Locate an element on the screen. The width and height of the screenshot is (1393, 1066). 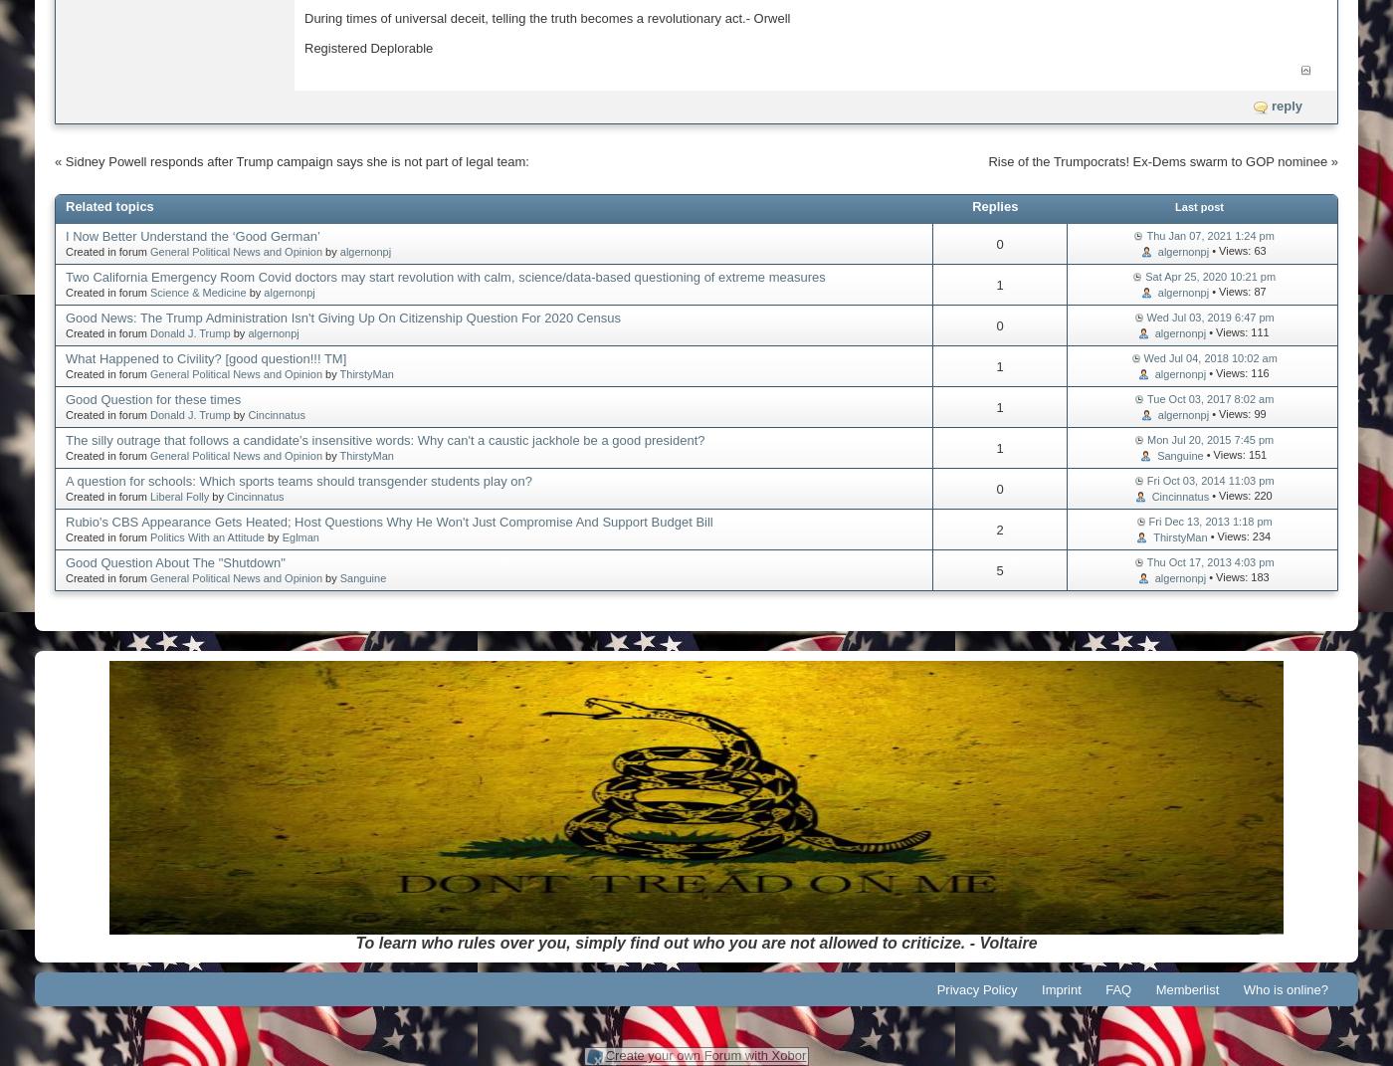
'Last post' is located at coordinates (1198, 205).